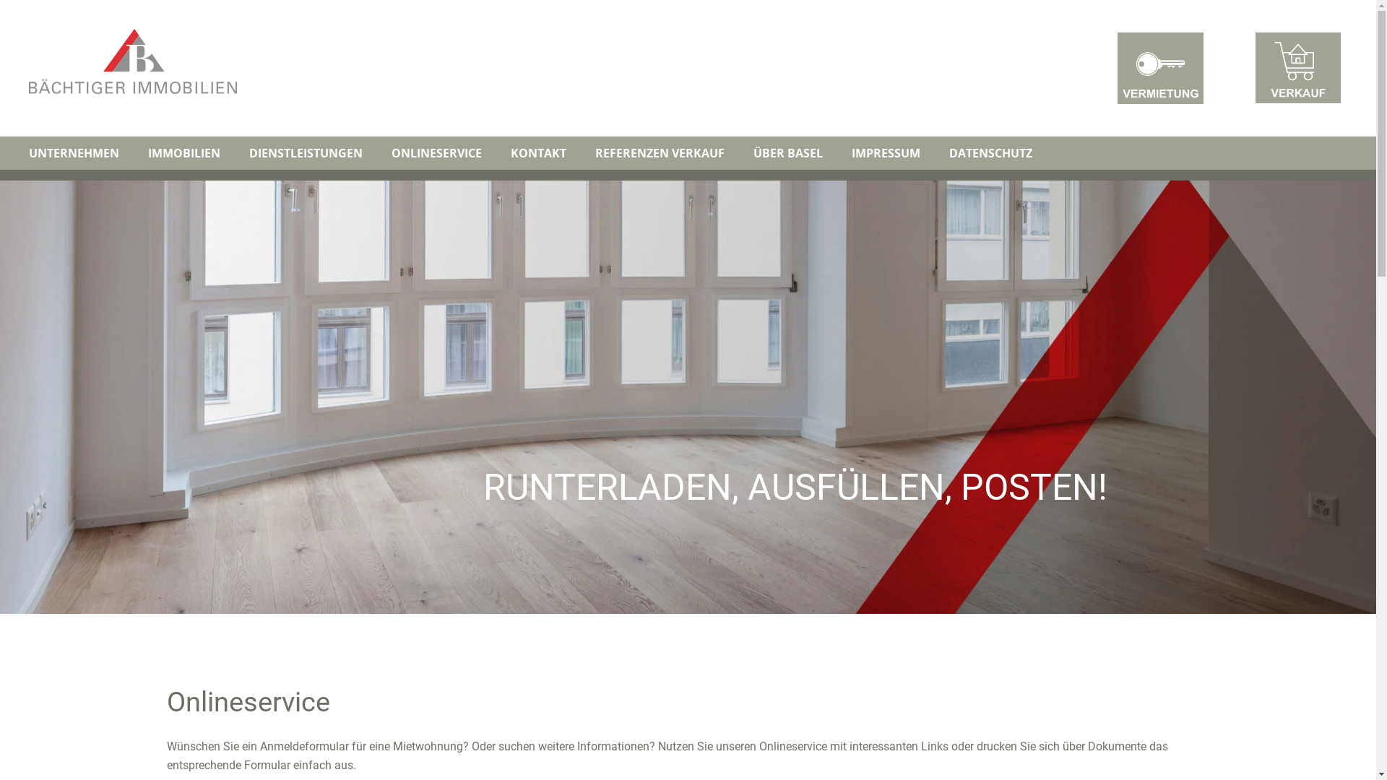  Describe the element at coordinates (305, 153) in the screenshot. I see `'DIENSTLEISTUNGEN'` at that location.